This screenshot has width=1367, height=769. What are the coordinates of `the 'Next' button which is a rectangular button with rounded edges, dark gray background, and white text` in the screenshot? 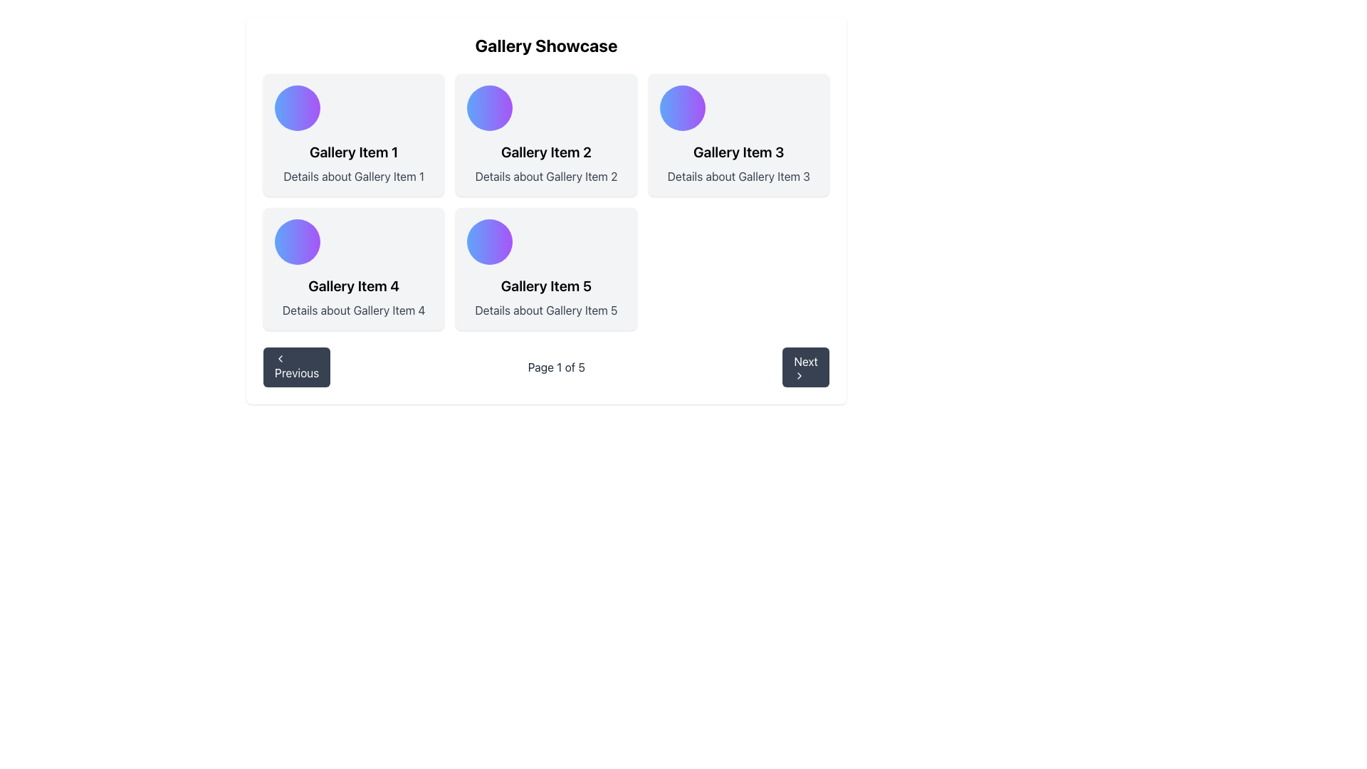 It's located at (806, 367).